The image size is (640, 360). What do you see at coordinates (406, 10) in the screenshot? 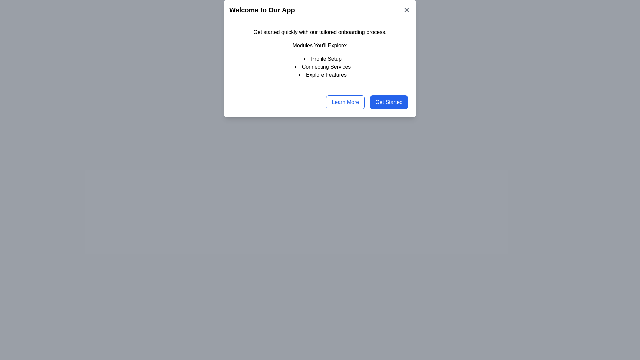
I see `the icon button at the top right corner of the modal dialog` at bounding box center [406, 10].